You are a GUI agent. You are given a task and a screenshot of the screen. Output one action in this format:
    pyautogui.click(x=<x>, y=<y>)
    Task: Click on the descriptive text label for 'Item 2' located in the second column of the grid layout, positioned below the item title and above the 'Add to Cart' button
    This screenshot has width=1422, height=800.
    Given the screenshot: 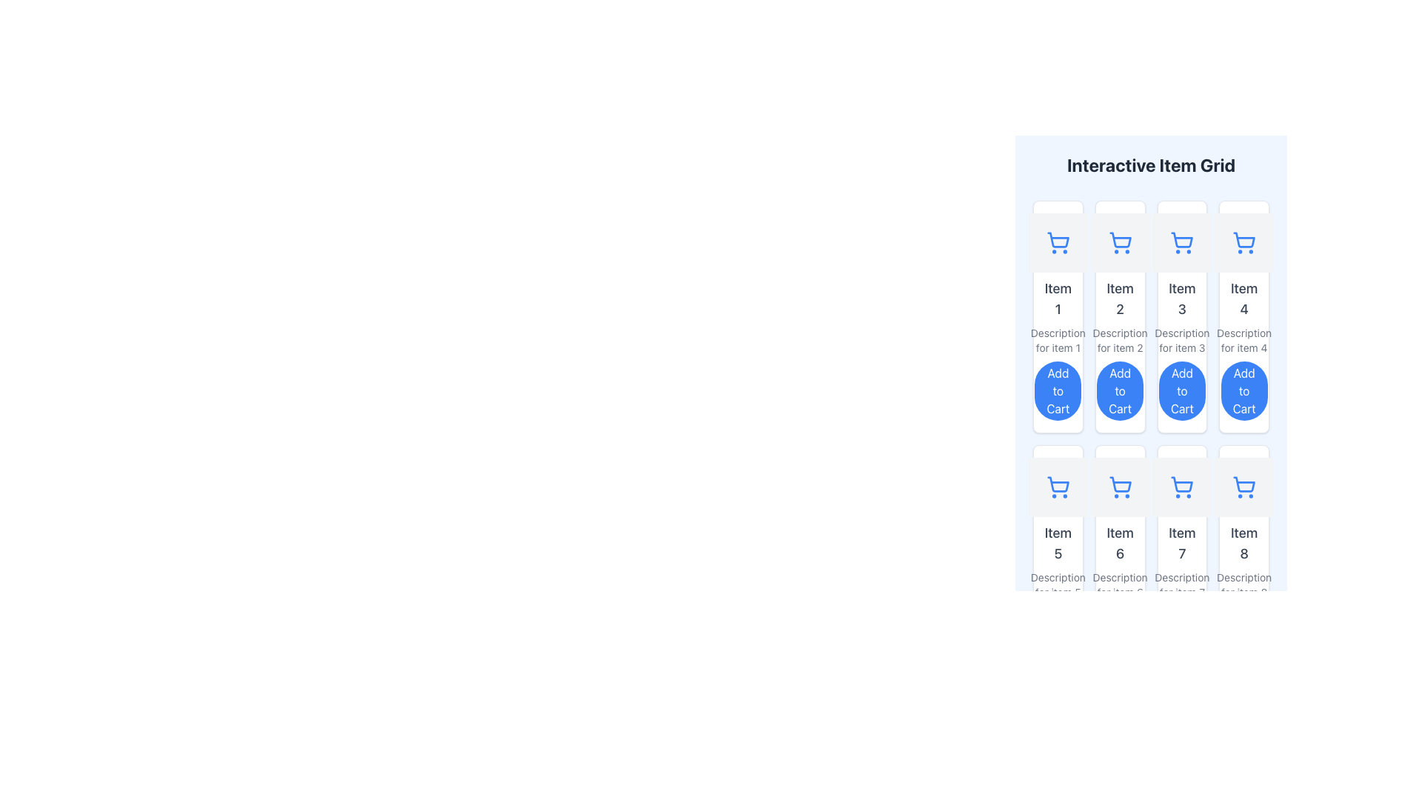 What is the action you would take?
    pyautogui.click(x=1120, y=340)
    